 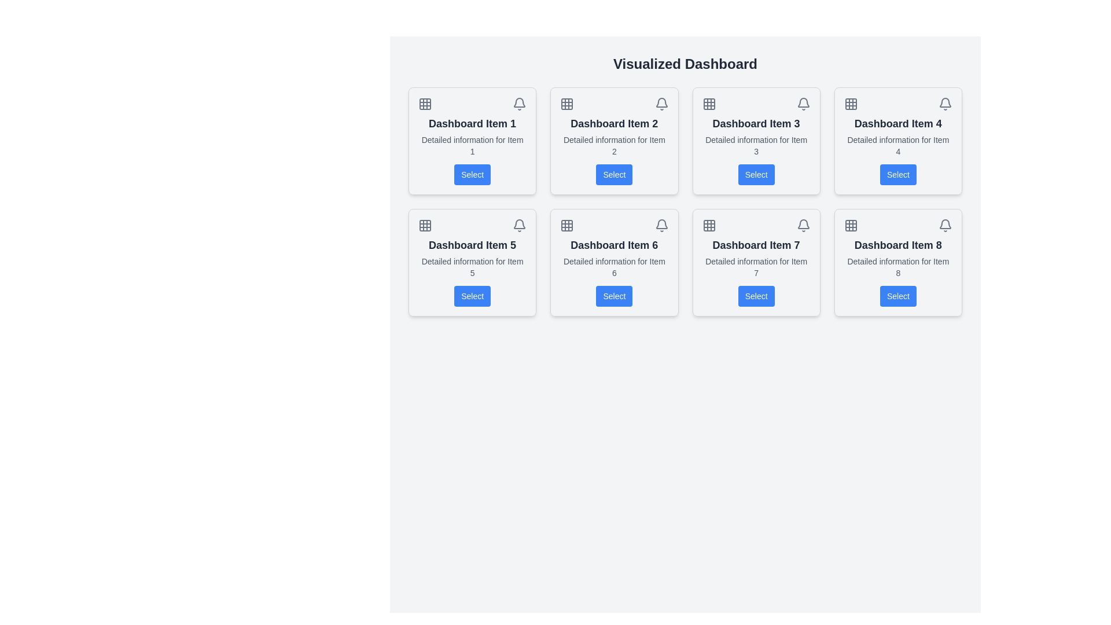 I want to click on the button located at the bottom of the card titled 'Dashboard Item 1', so click(x=472, y=174).